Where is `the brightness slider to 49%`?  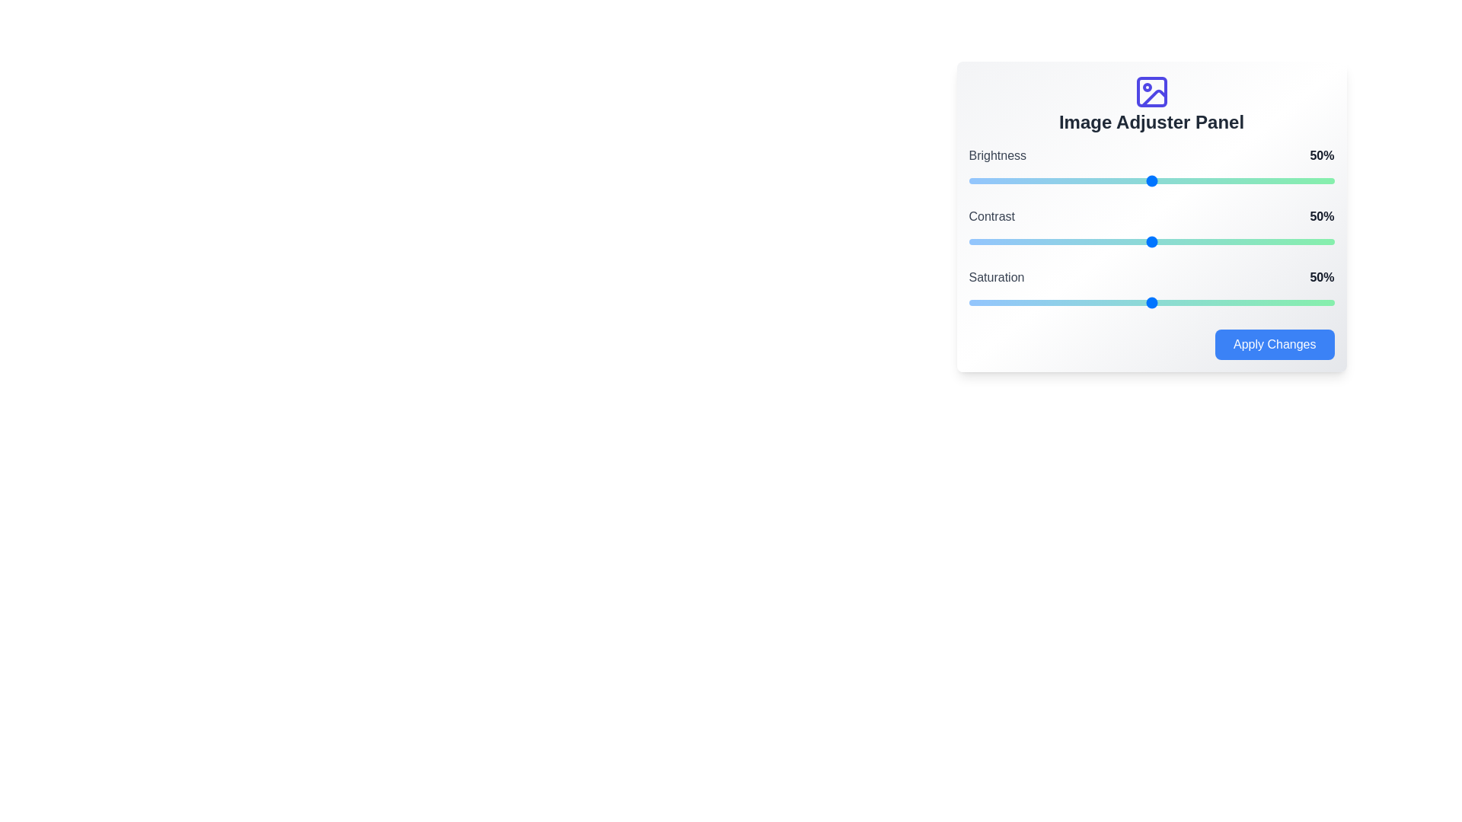
the brightness slider to 49% is located at coordinates (1148, 180).